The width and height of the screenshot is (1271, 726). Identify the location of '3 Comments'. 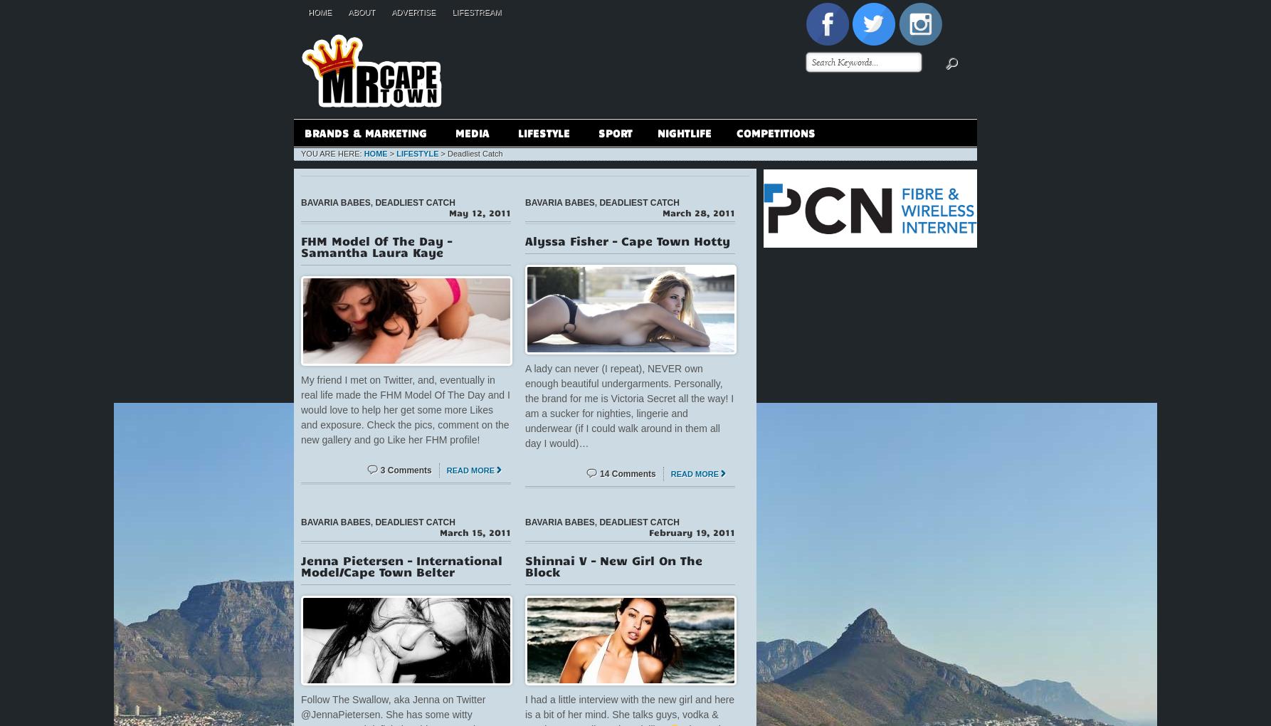
(404, 470).